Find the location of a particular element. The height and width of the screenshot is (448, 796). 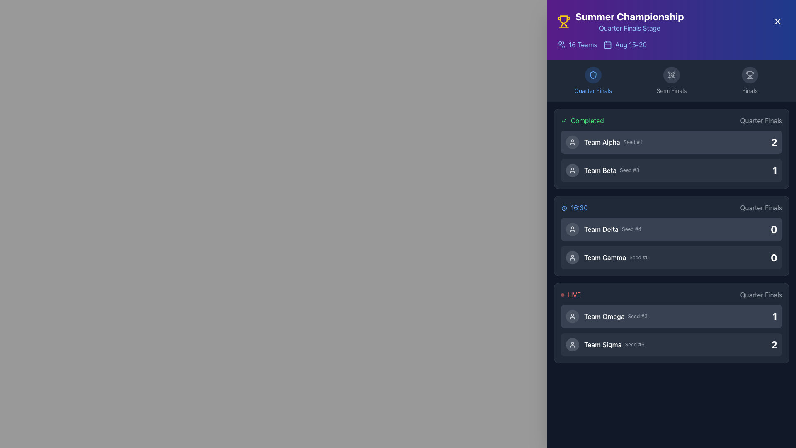

the static banner indicating the match status (LIVE) and stage (Quarter Finals) located at the top of the match card is located at coordinates (672, 294).